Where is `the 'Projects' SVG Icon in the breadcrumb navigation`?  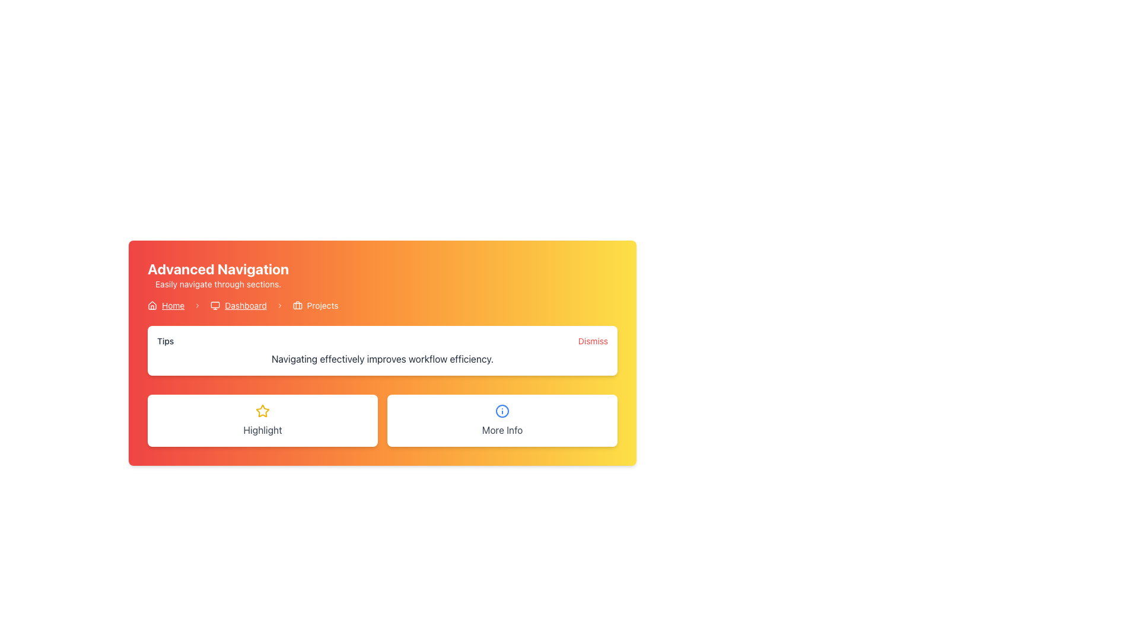
the 'Projects' SVG Icon in the breadcrumb navigation is located at coordinates (297, 305).